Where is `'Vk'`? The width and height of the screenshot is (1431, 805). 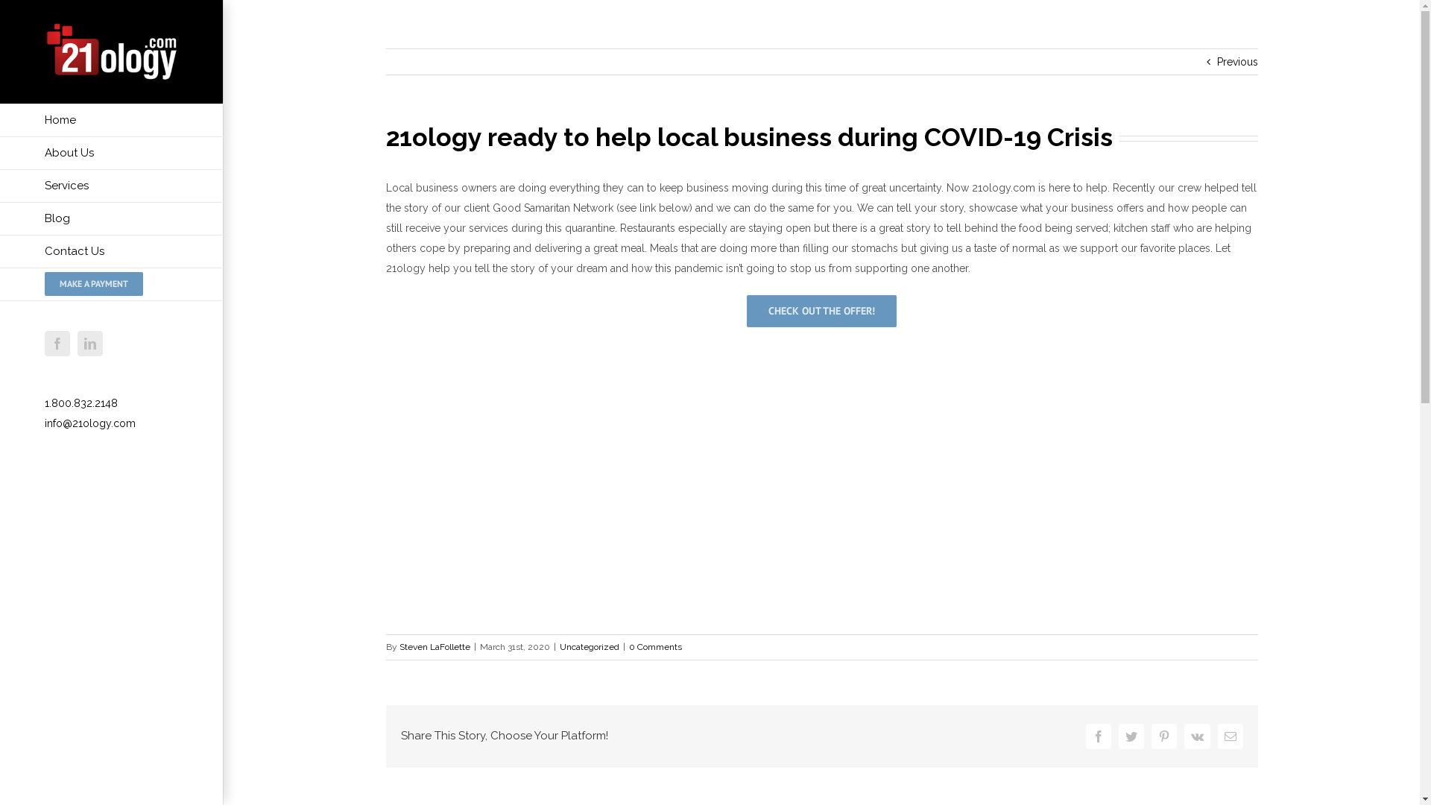
'Vk' is located at coordinates (1196, 735).